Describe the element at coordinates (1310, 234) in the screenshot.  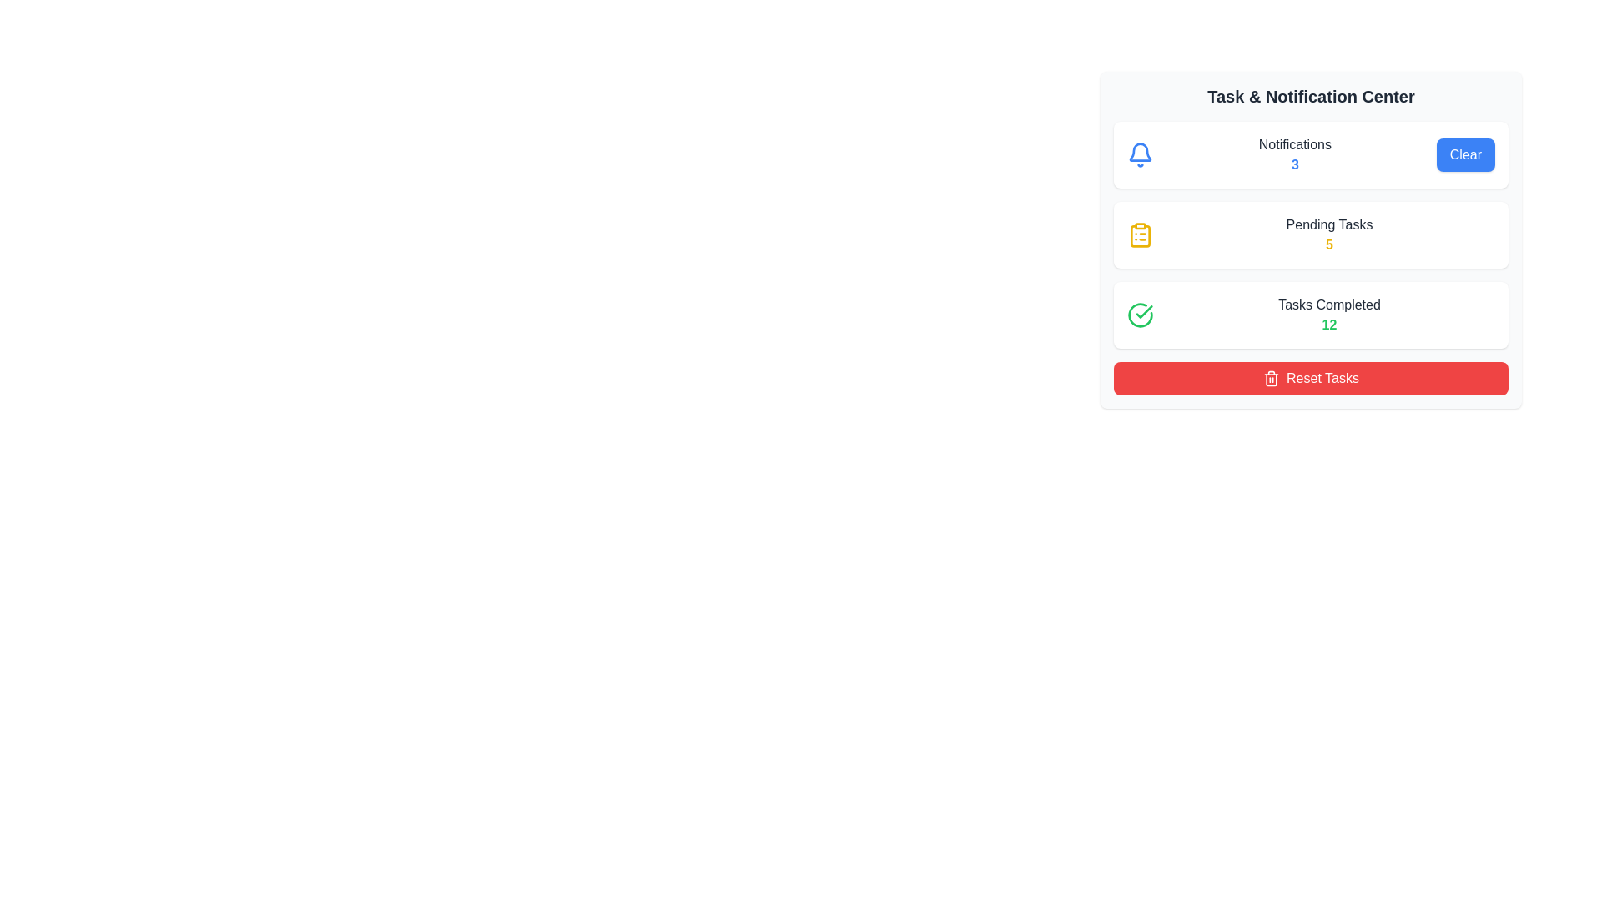
I see `the 'Pending Tasks' informational card, which features a clipboard icon, a label, and a count of '5' in bold yellow text, positioned in the 'Task & Notification Center'` at that location.